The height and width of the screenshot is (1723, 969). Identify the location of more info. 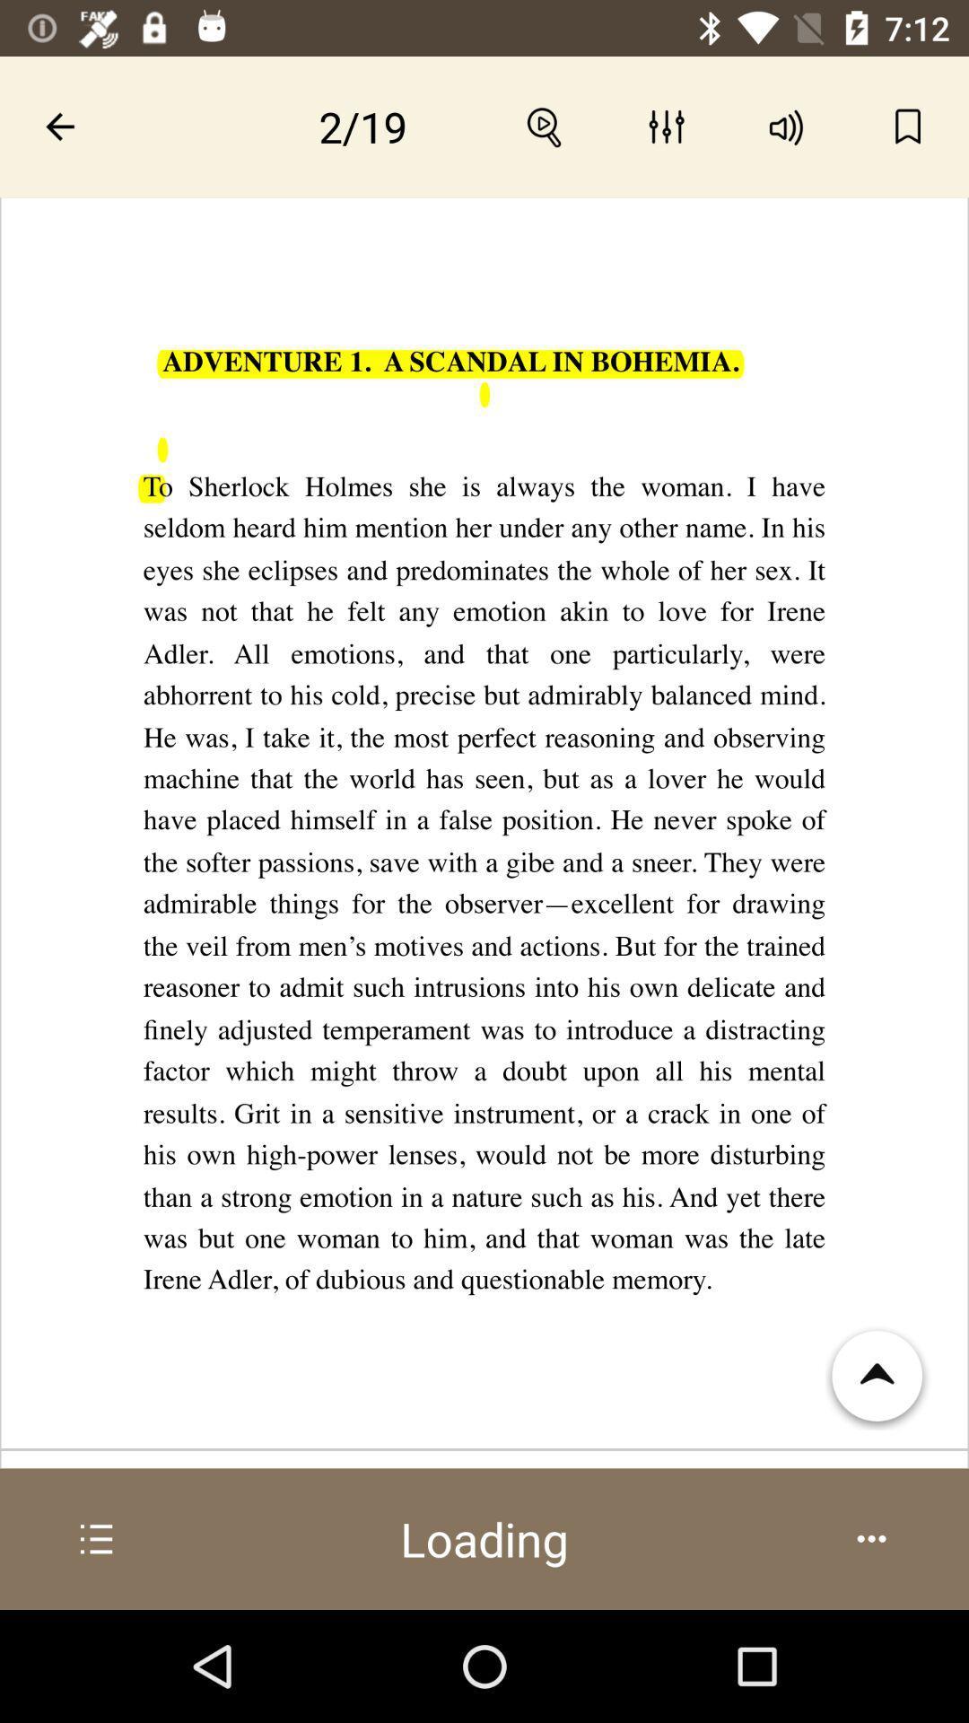
(97, 1538).